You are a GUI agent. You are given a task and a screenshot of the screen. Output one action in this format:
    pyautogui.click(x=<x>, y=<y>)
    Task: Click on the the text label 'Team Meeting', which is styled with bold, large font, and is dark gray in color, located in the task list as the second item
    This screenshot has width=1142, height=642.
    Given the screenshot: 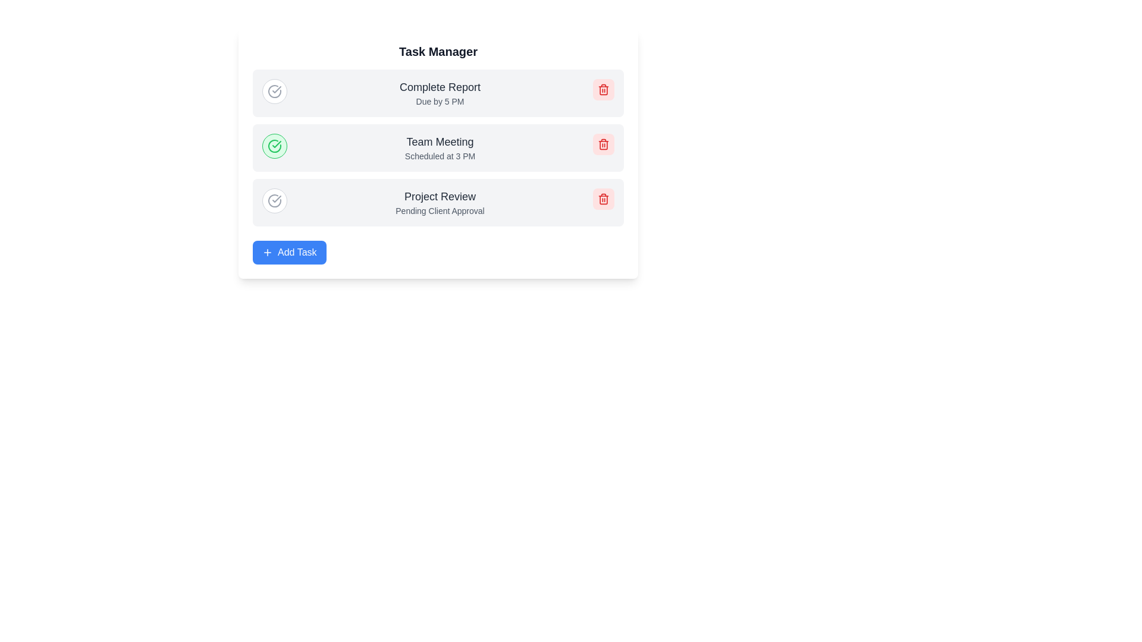 What is the action you would take?
    pyautogui.click(x=439, y=141)
    